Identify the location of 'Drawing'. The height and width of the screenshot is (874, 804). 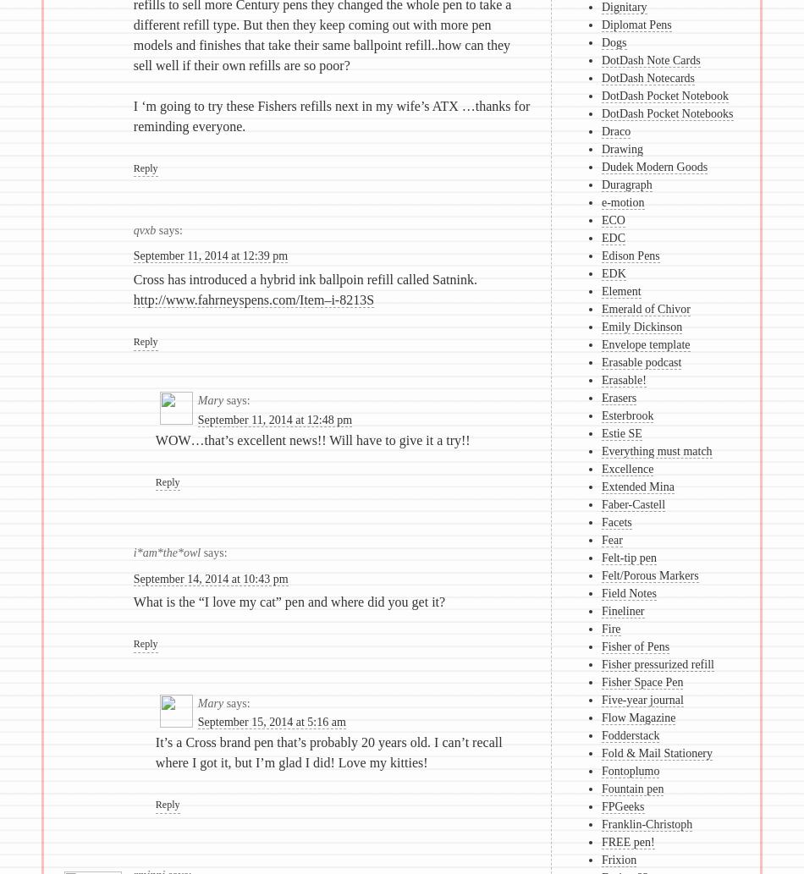
(620, 148).